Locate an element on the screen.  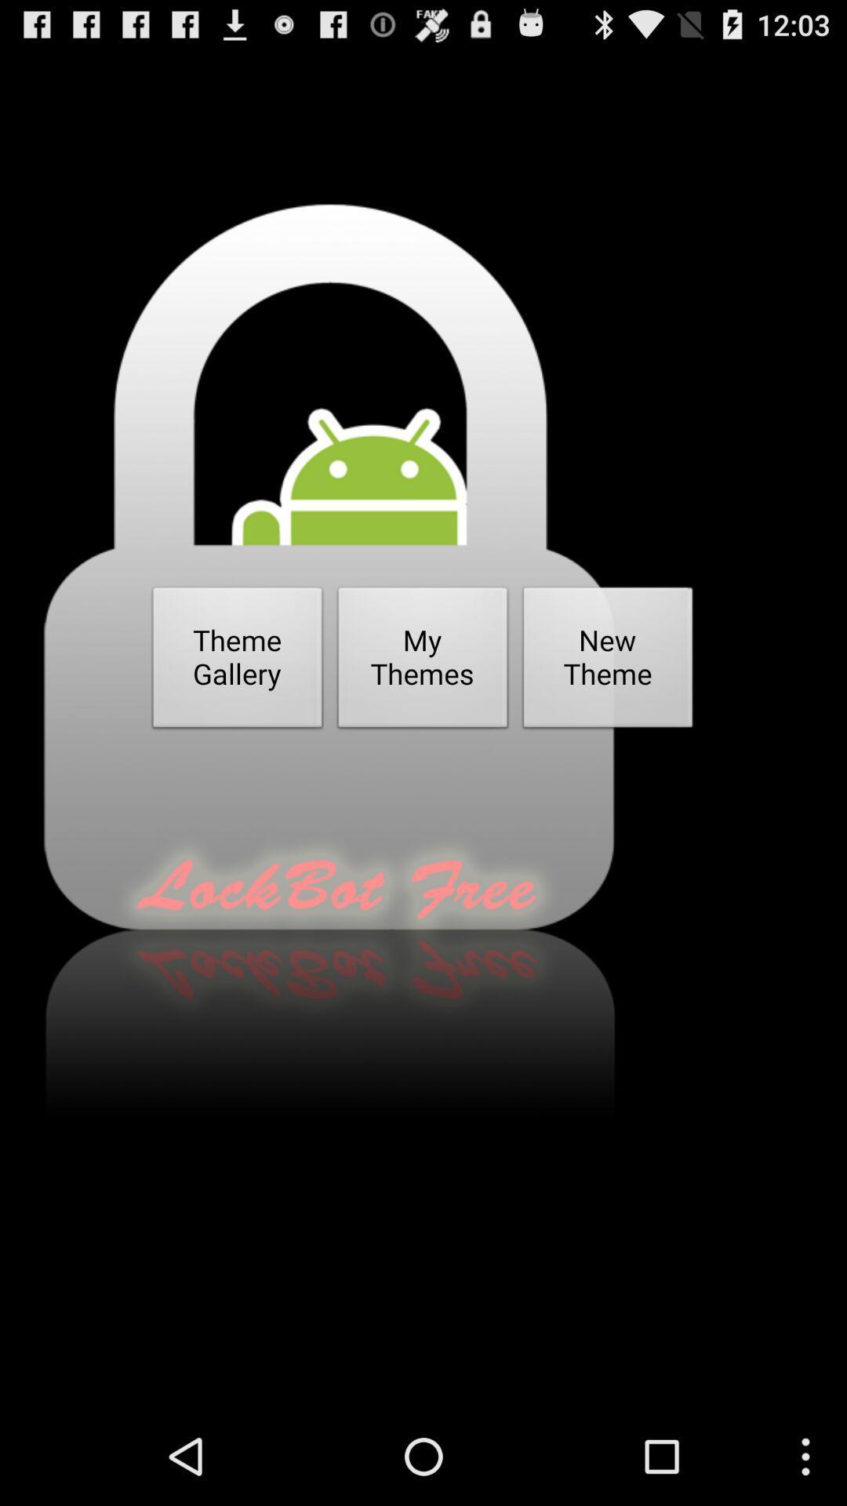
button next to the my themes item is located at coordinates (607, 662).